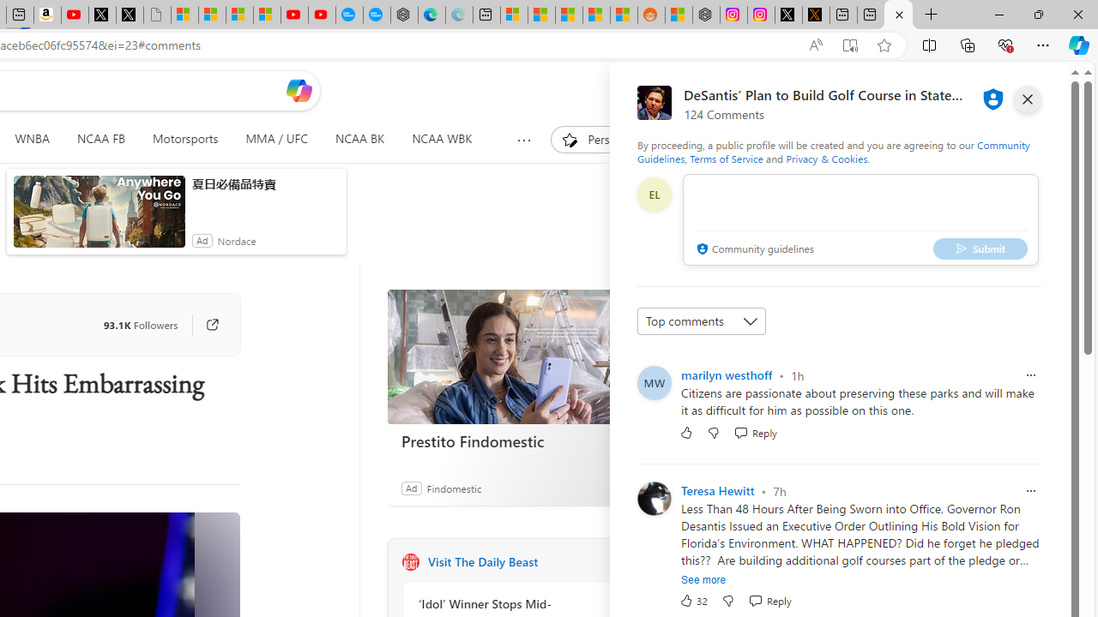 The height and width of the screenshot is (617, 1098). I want to click on 'Microsoft rewards', so click(975, 90).